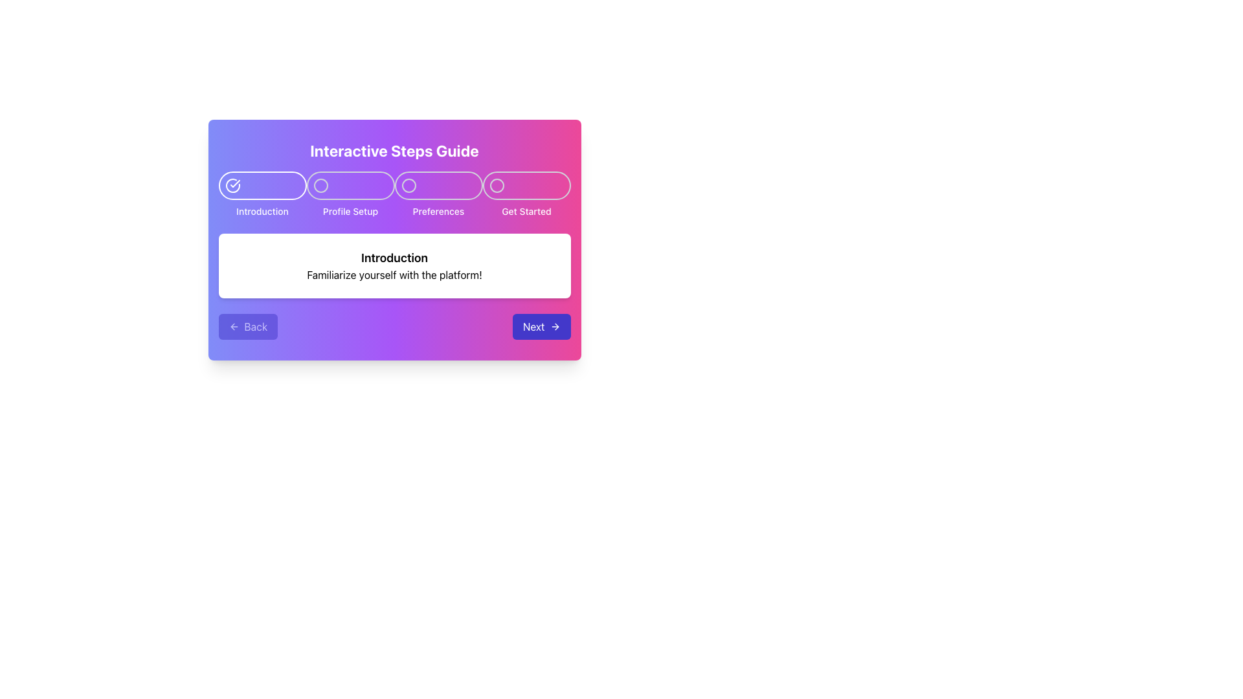  Describe the element at coordinates (496, 185) in the screenshot. I see `the fourth circular Progress Step Indicator labeled 'Get Started' located at the top-right of the card` at that location.